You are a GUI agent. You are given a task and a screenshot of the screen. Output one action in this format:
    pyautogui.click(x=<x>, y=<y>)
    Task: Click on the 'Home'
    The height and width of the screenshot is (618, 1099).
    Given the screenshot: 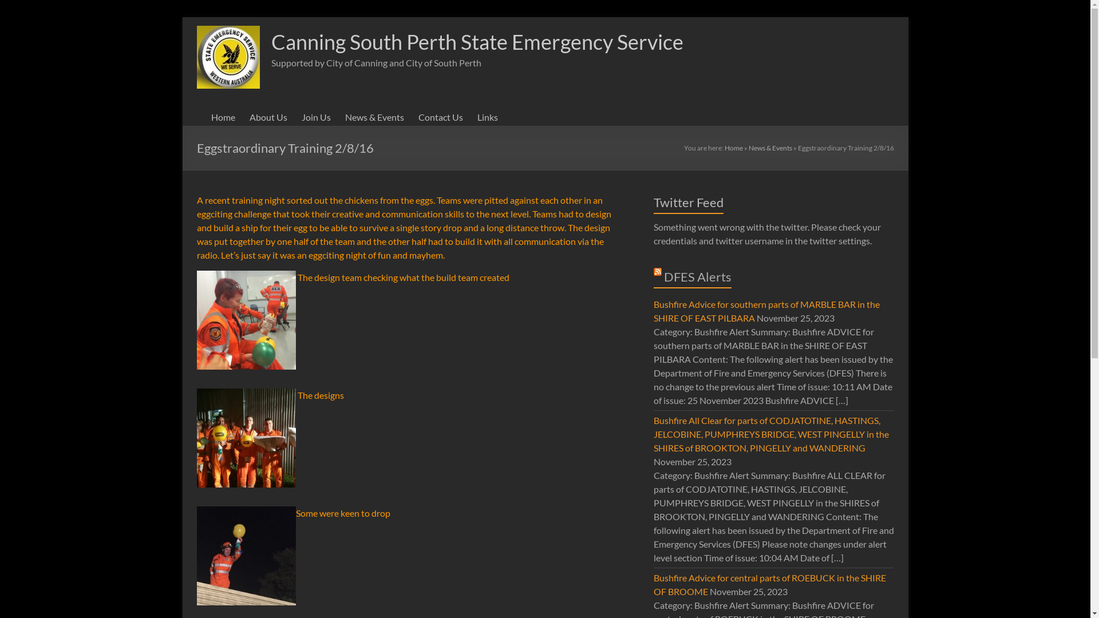 What is the action you would take?
    pyautogui.click(x=724, y=147)
    